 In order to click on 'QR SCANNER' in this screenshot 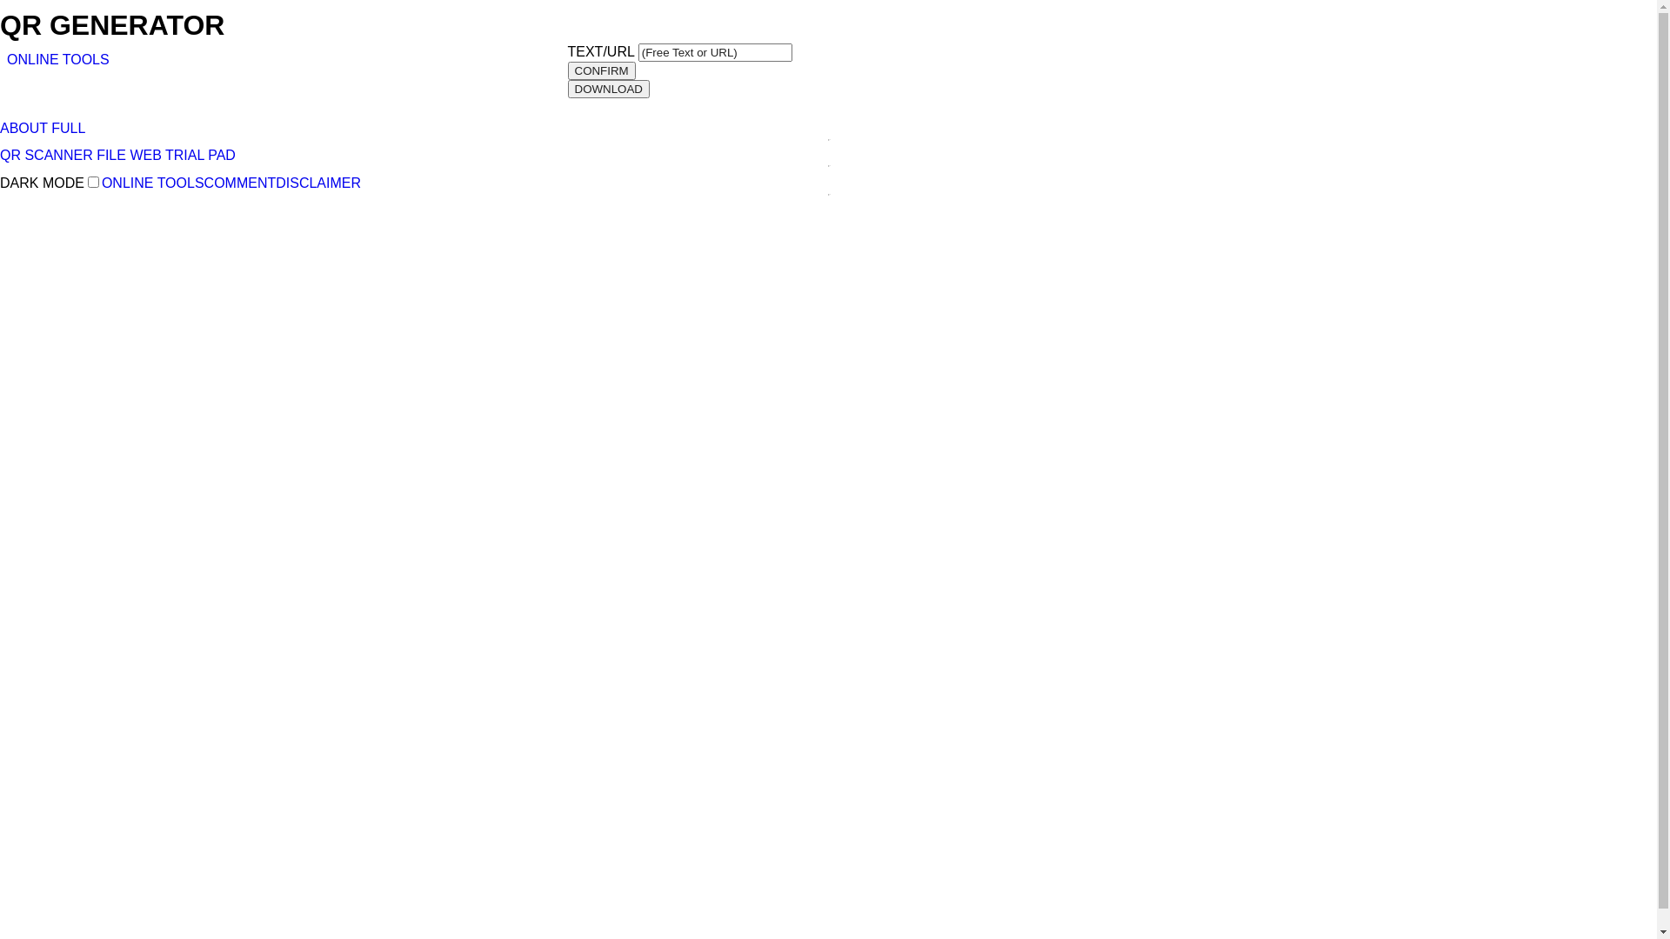, I will do `click(0, 154)`.